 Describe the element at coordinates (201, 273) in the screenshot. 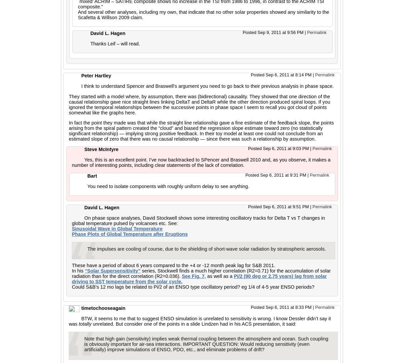

I see `'series, Stockwell finds a much higher correlation (R2=0.71) for the accumulation of solar radiation than for the direct correlation (R2=0.036).'` at that location.